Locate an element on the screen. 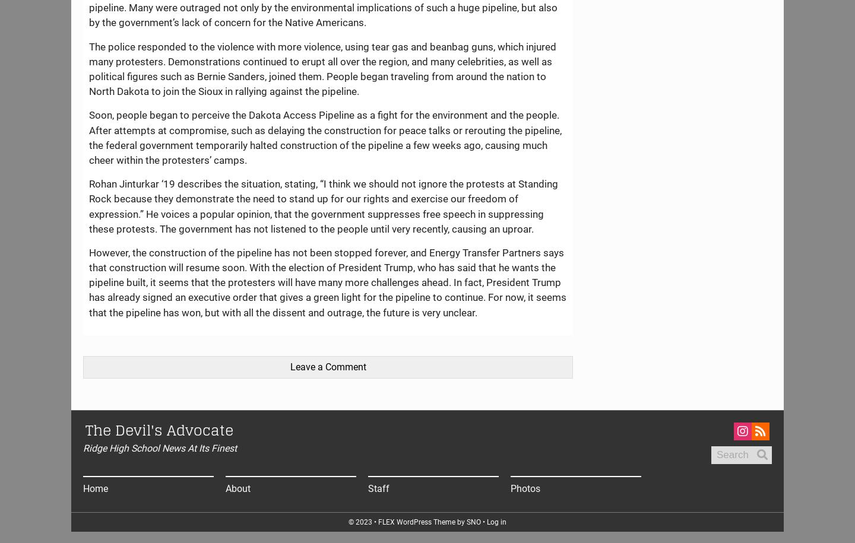 The image size is (855, 543). 'The Devil's Advocate' is located at coordinates (159, 430).